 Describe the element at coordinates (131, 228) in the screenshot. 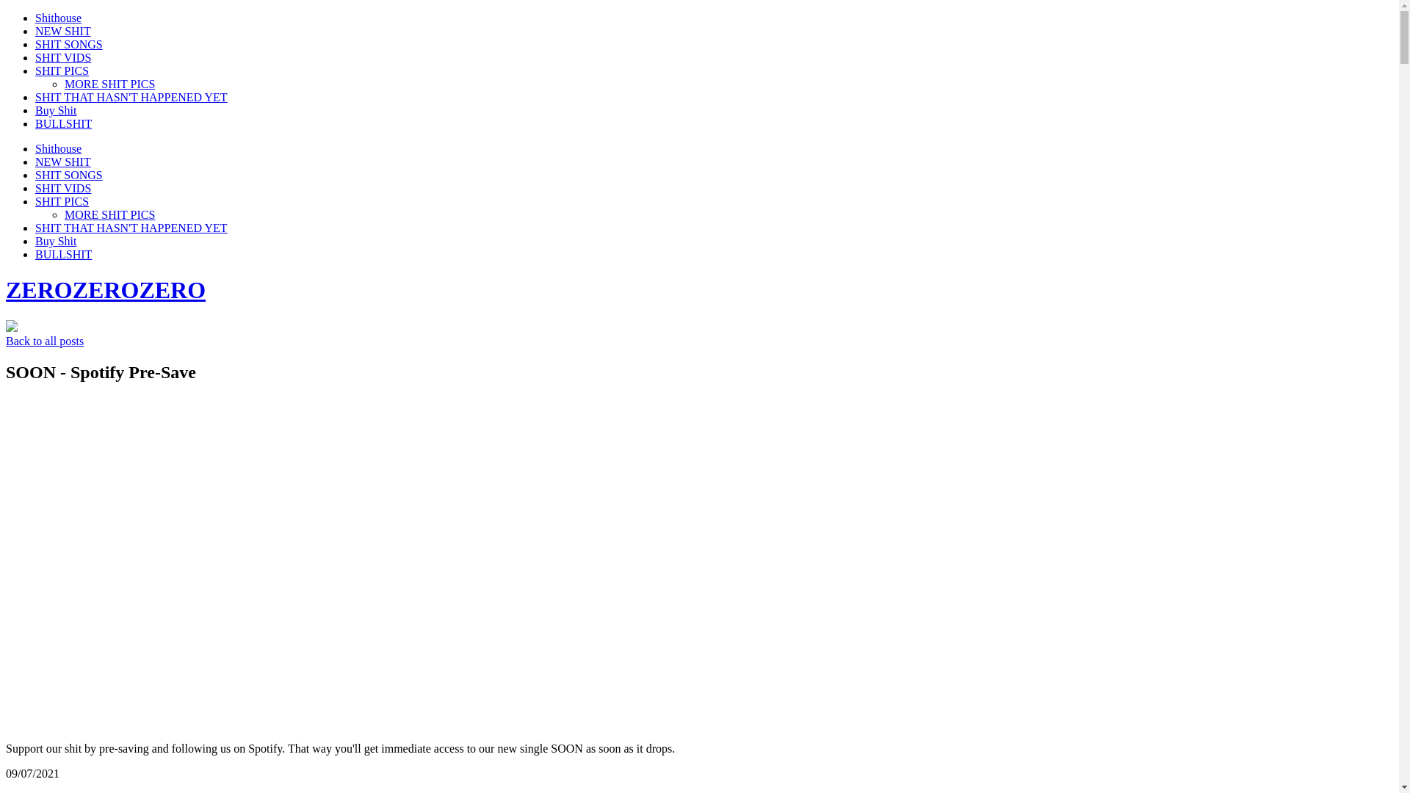

I see `'SHIT THAT HASN'T HAPPENED YET'` at that location.